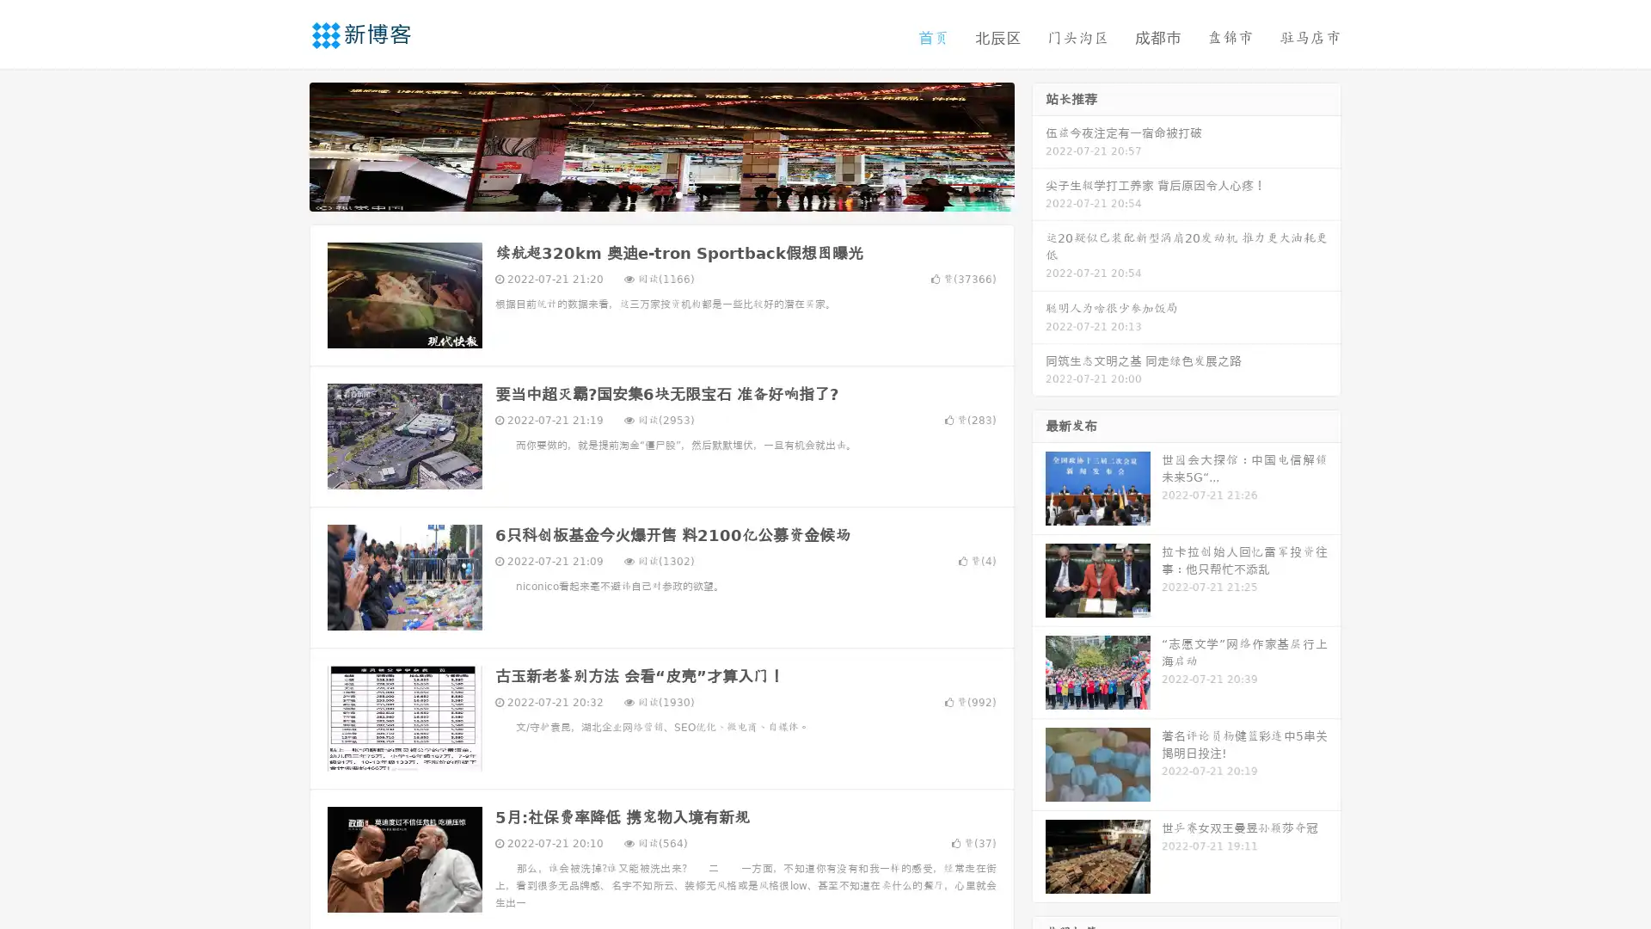  What do you see at coordinates (643, 194) in the screenshot?
I see `Go to slide 1` at bounding box center [643, 194].